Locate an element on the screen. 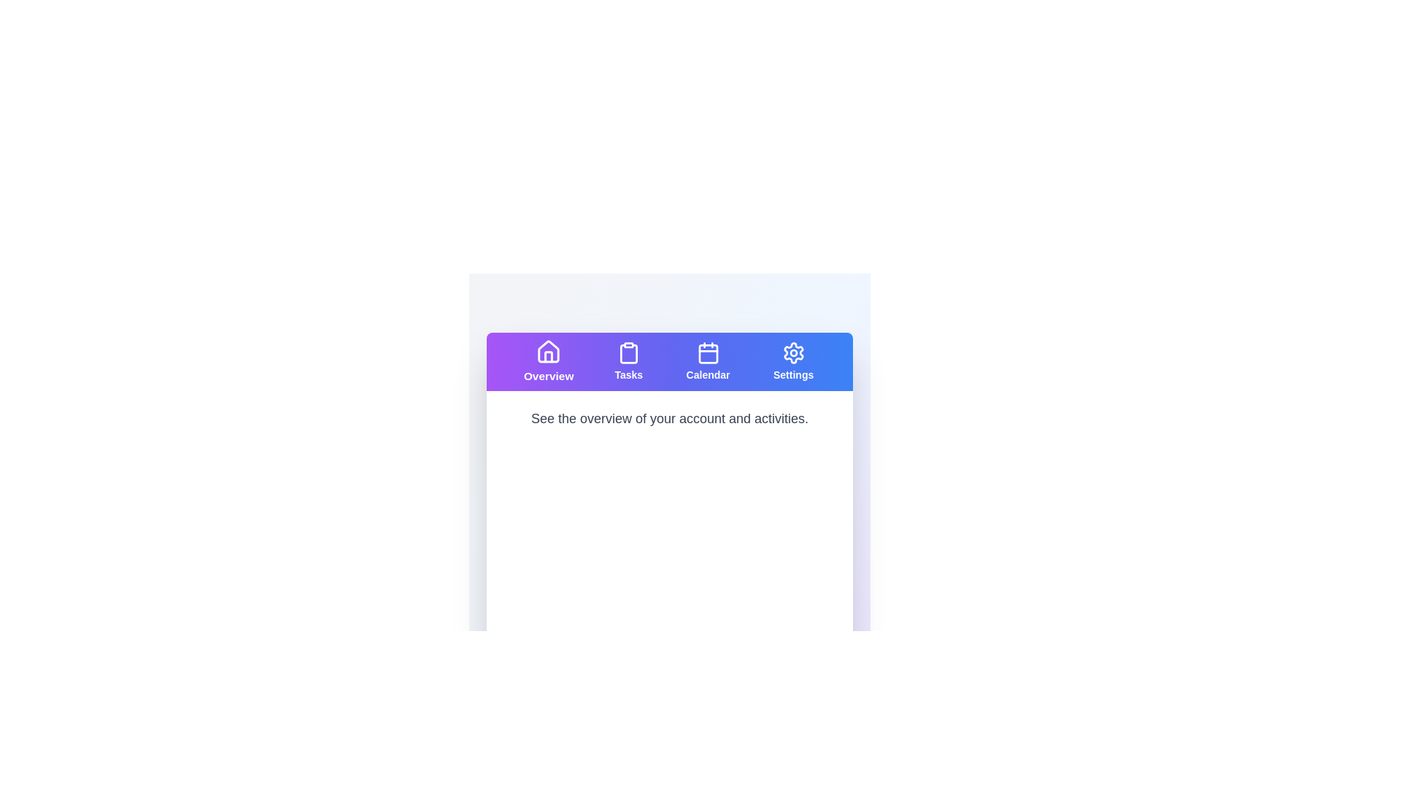 The width and height of the screenshot is (1401, 788). the third button in the navigation menu bar is located at coordinates (708, 361).